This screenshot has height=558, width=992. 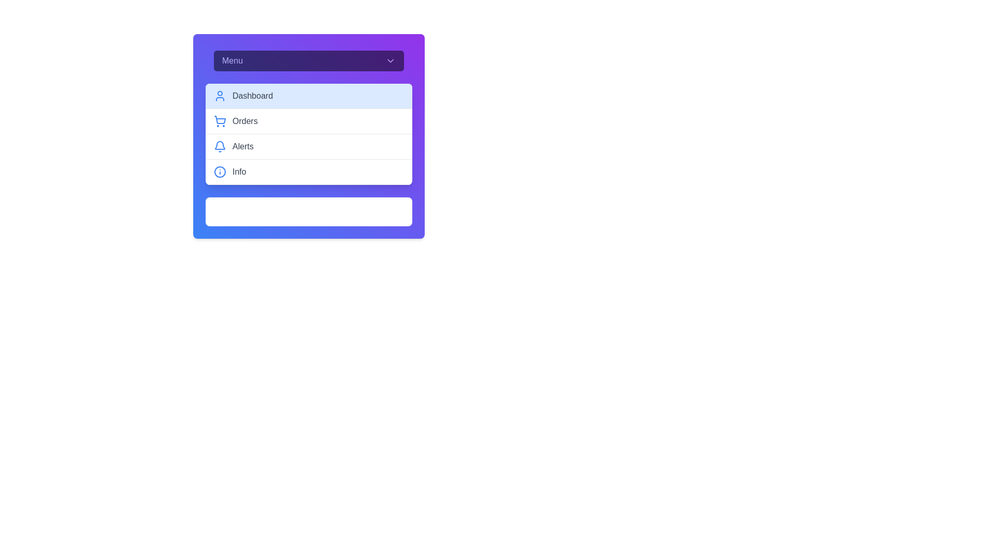 I want to click on the downward chevron icon indicating dropdown functionality located in the header bar adjacent to the 'Menu' text, so click(x=390, y=61).